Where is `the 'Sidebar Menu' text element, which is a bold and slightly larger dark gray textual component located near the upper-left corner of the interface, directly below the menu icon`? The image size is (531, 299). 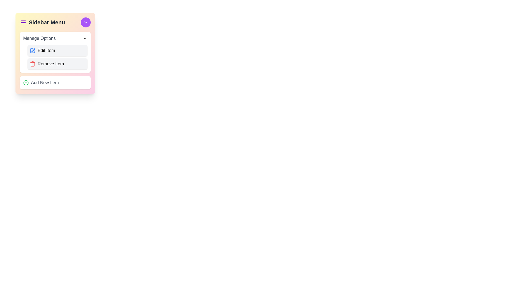 the 'Sidebar Menu' text element, which is a bold and slightly larger dark gray textual component located near the upper-left corner of the interface, directly below the menu icon is located at coordinates (47, 22).